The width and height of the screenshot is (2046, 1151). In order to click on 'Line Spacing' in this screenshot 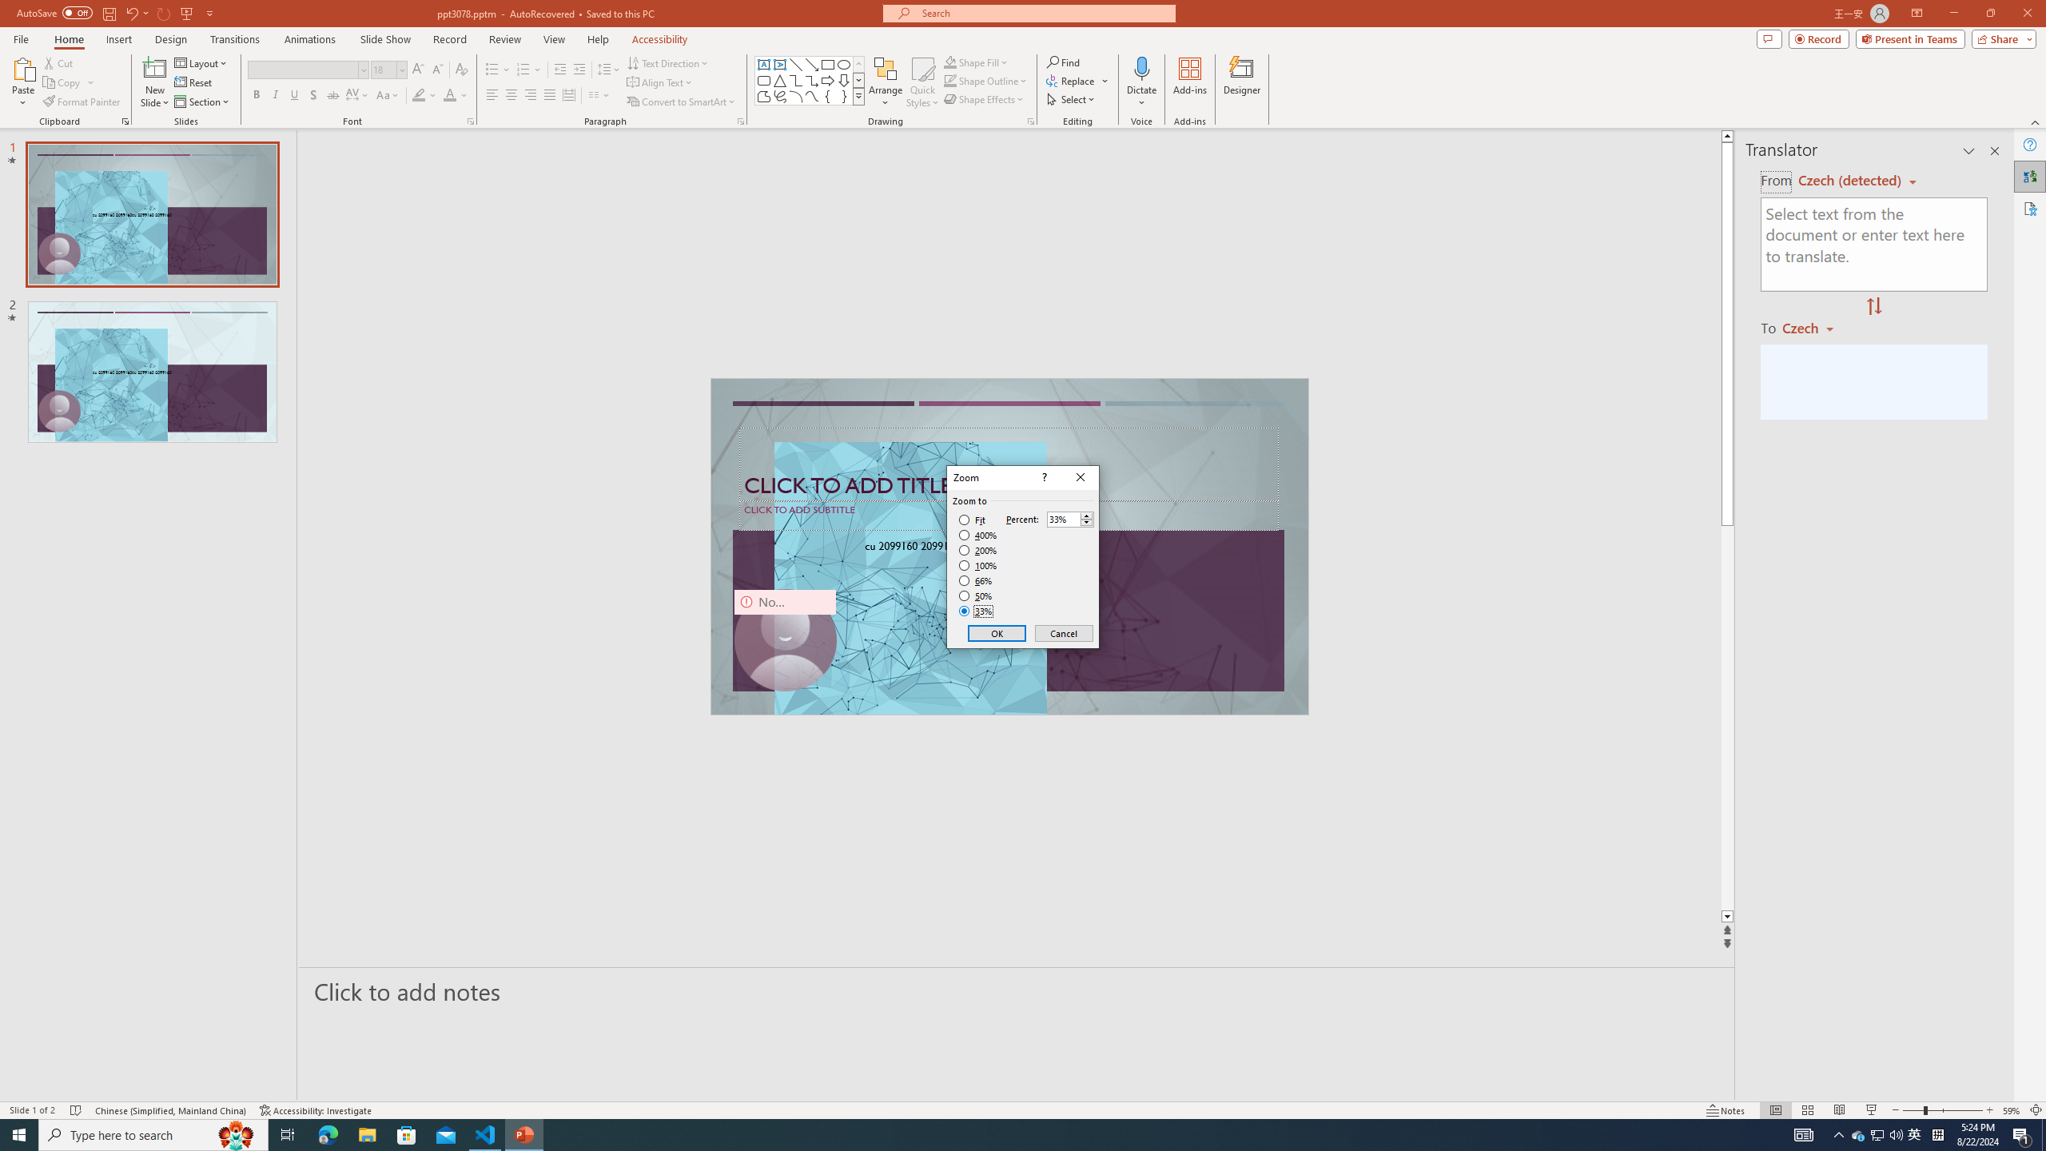, I will do `click(609, 70)`.